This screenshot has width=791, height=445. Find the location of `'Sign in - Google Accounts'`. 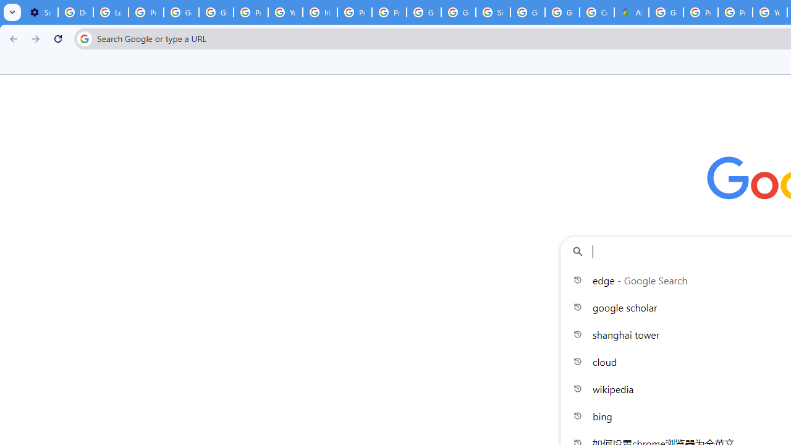

'Sign in - Google Accounts' is located at coordinates (493, 12).